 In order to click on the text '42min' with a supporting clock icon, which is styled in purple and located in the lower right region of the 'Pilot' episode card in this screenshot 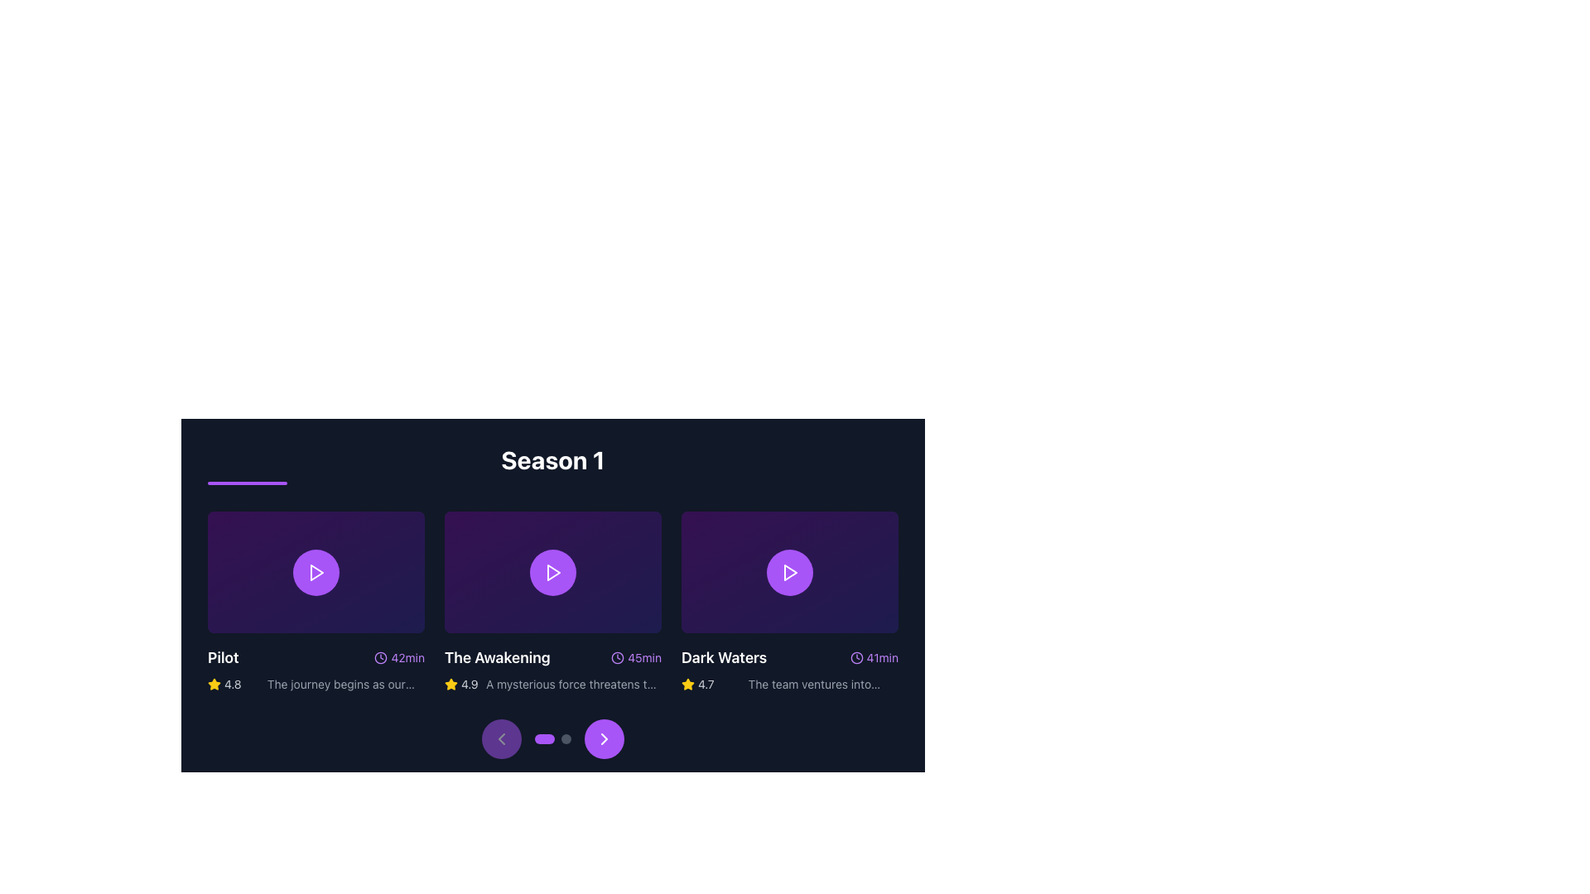, I will do `click(399, 657)`.